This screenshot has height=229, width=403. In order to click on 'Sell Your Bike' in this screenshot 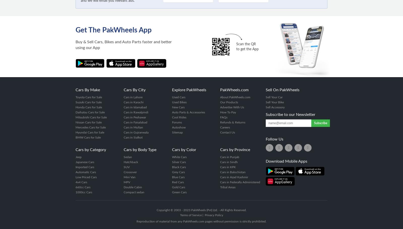, I will do `click(266, 102)`.